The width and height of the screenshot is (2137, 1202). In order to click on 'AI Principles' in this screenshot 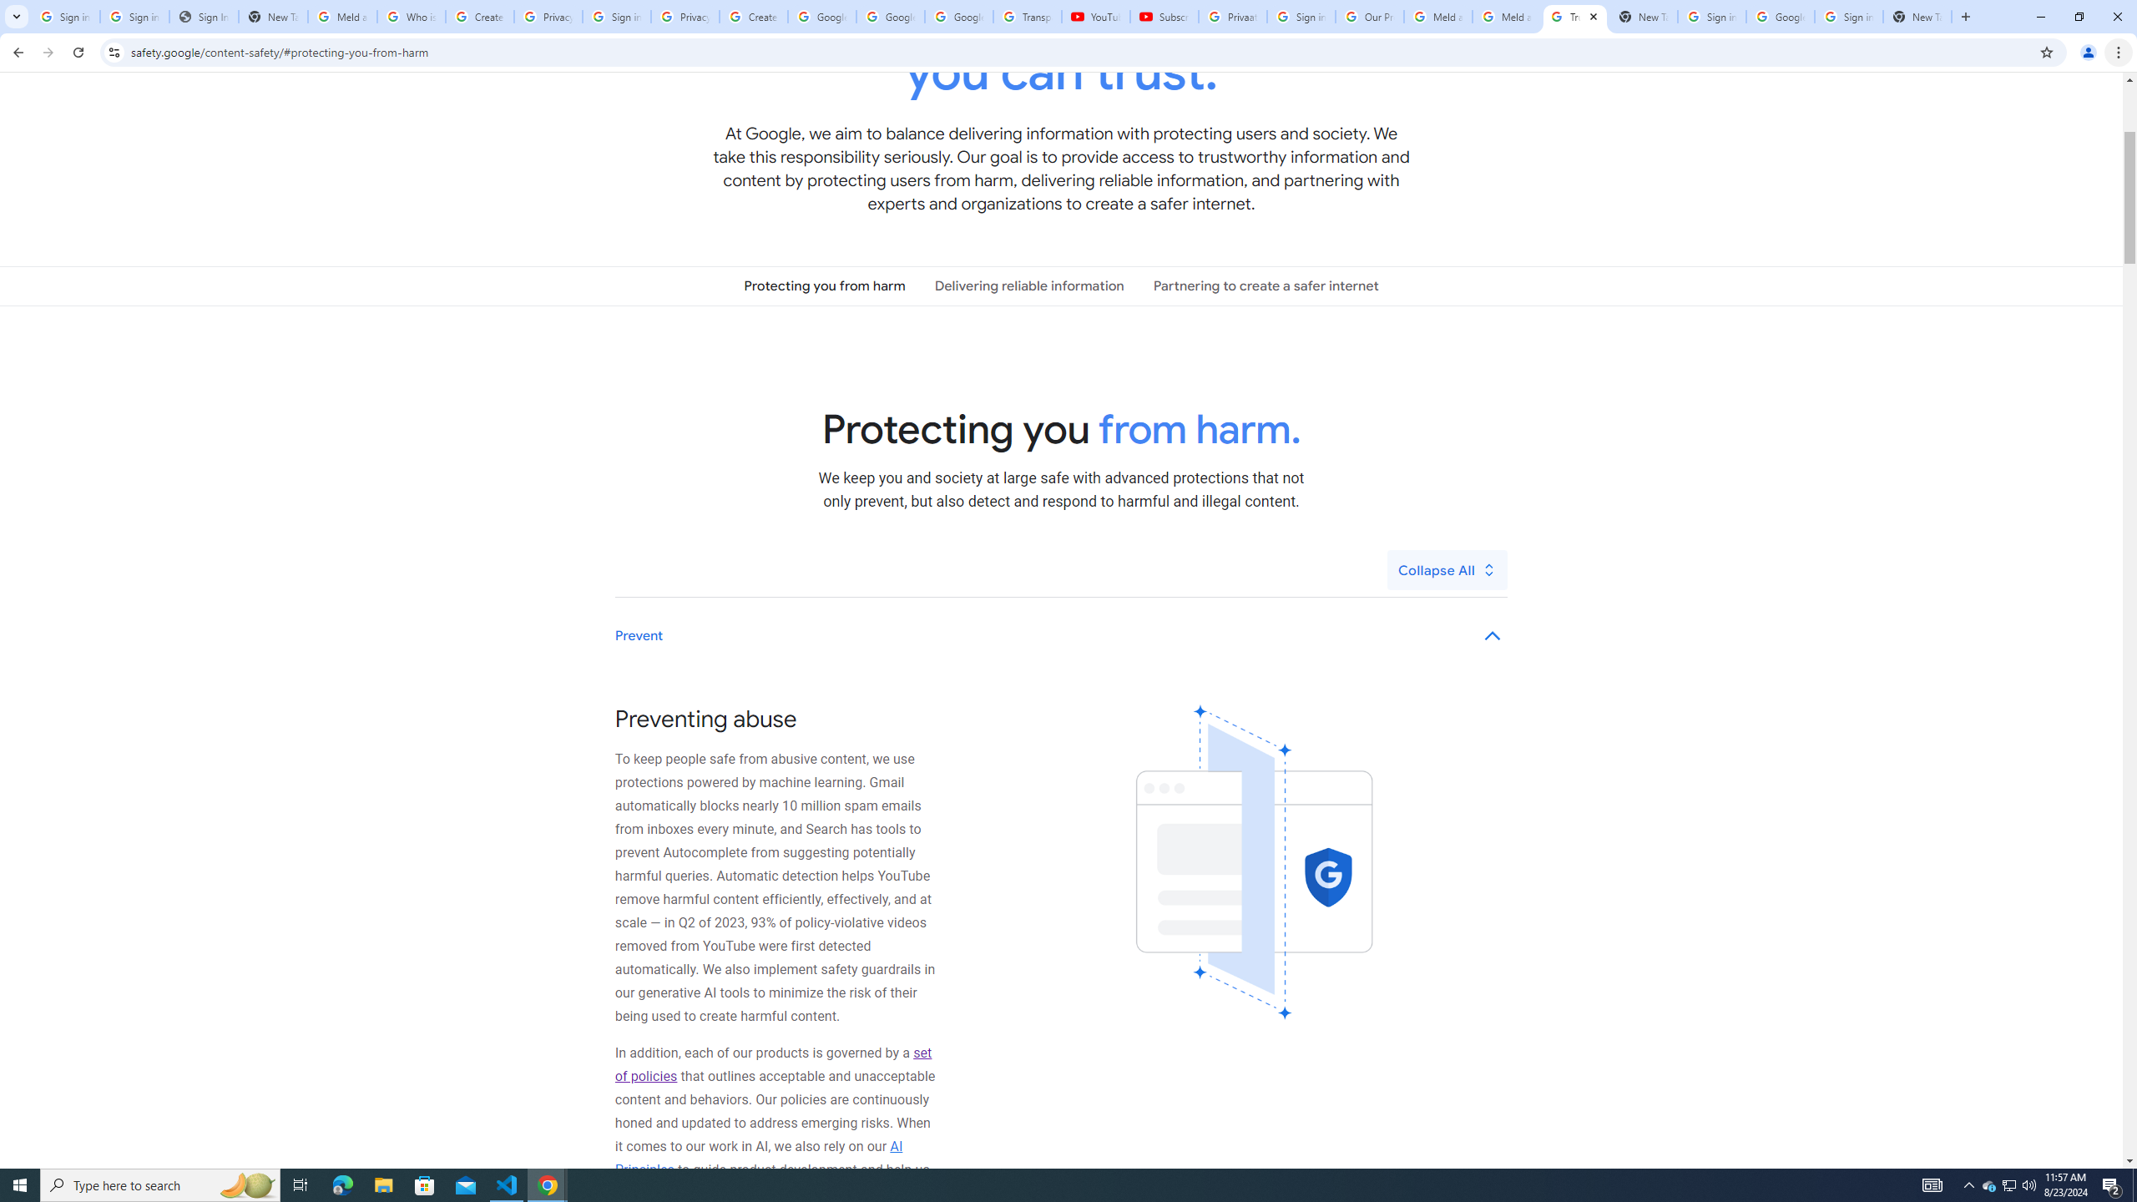, I will do `click(759, 1157)`.